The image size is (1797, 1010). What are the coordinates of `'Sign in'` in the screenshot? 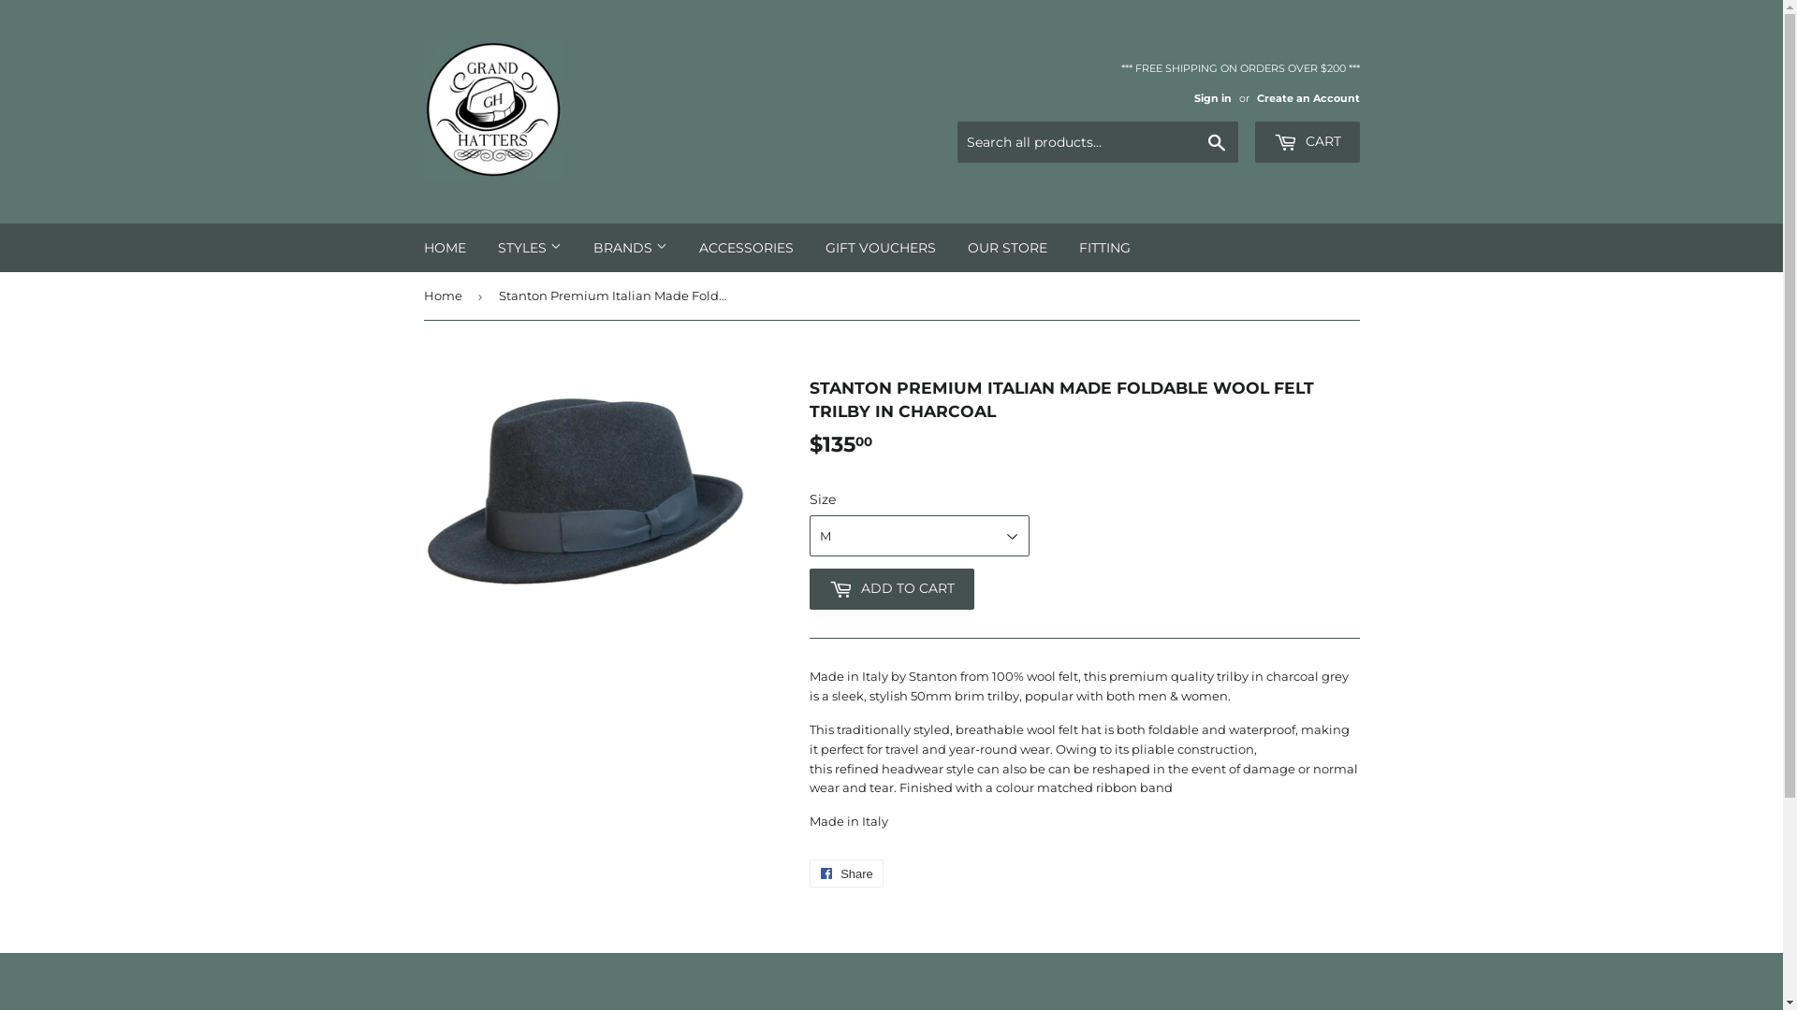 It's located at (1213, 97).